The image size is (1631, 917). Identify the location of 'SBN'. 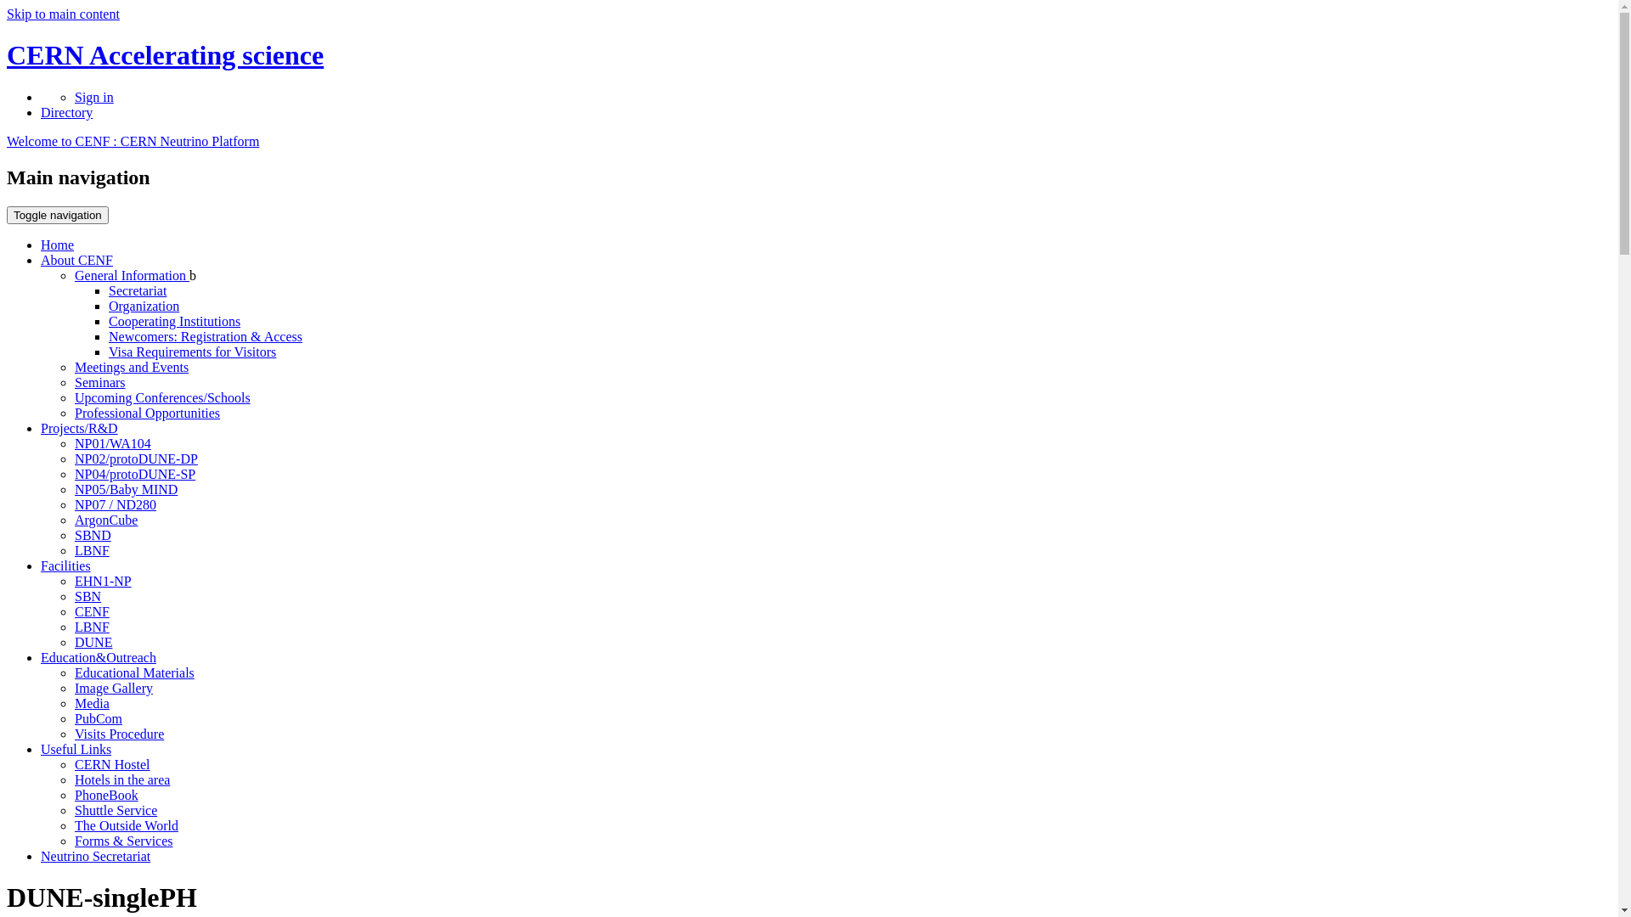
(87, 595).